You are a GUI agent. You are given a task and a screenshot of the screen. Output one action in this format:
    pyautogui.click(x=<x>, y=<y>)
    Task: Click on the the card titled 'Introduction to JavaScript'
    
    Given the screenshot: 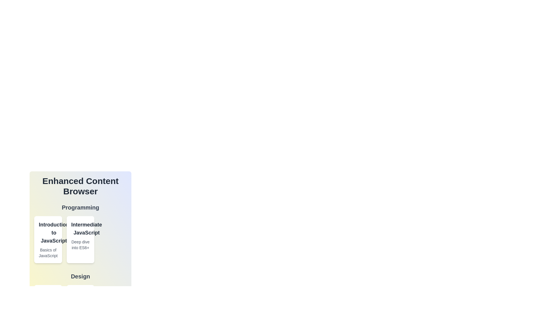 What is the action you would take?
    pyautogui.click(x=48, y=239)
    